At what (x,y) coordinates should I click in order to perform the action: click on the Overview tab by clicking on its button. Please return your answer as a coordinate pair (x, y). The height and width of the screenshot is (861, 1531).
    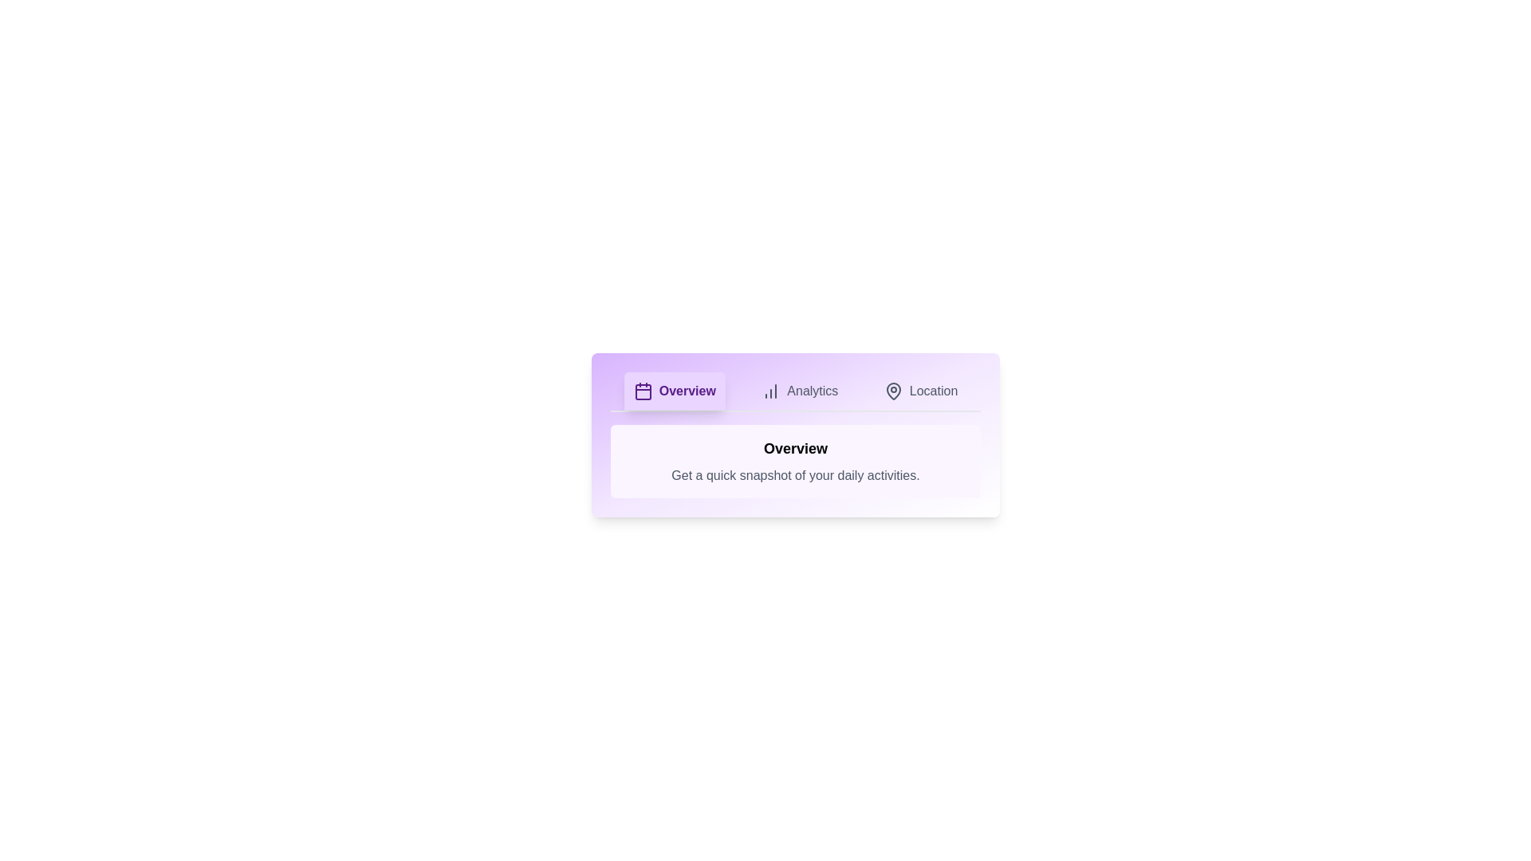
    Looking at the image, I should click on (674, 391).